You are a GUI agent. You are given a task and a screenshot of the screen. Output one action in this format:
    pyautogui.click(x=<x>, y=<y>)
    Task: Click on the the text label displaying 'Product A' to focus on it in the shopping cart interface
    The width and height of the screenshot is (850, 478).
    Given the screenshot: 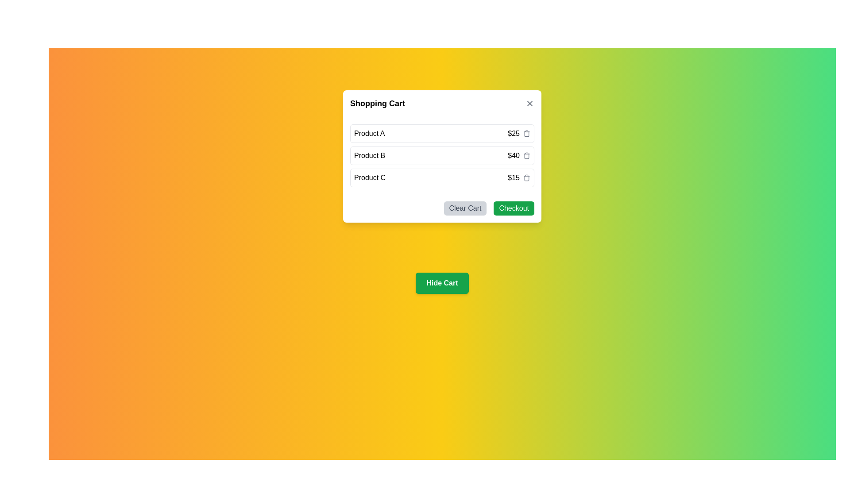 What is the action you would take?
    pyautogui.click(x=369, y=133)
    